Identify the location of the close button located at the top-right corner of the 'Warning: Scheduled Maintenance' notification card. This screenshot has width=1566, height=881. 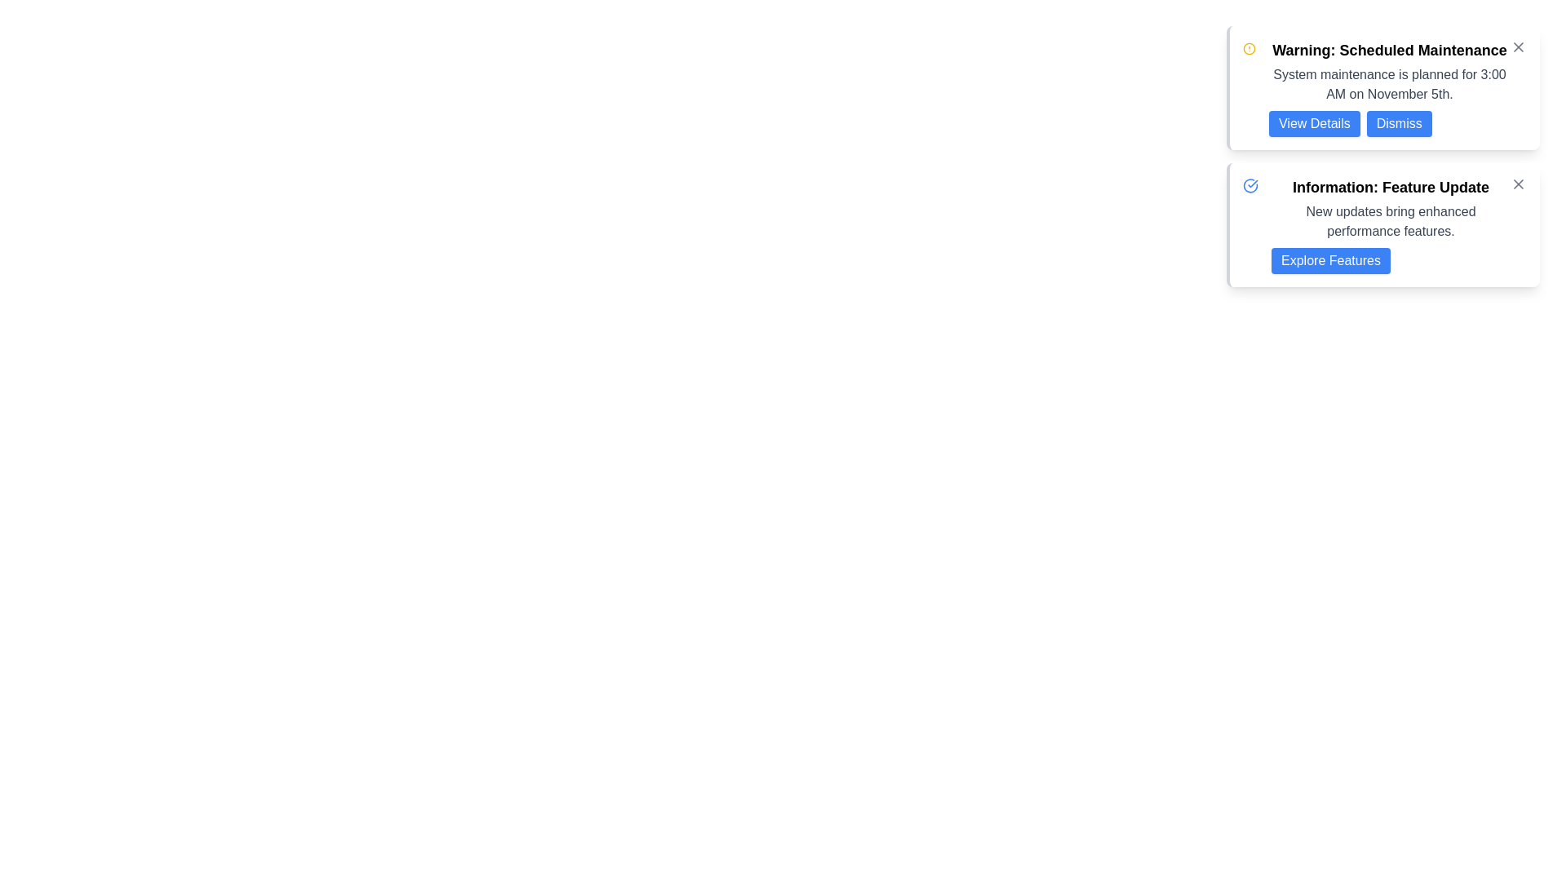
(1518, 46).